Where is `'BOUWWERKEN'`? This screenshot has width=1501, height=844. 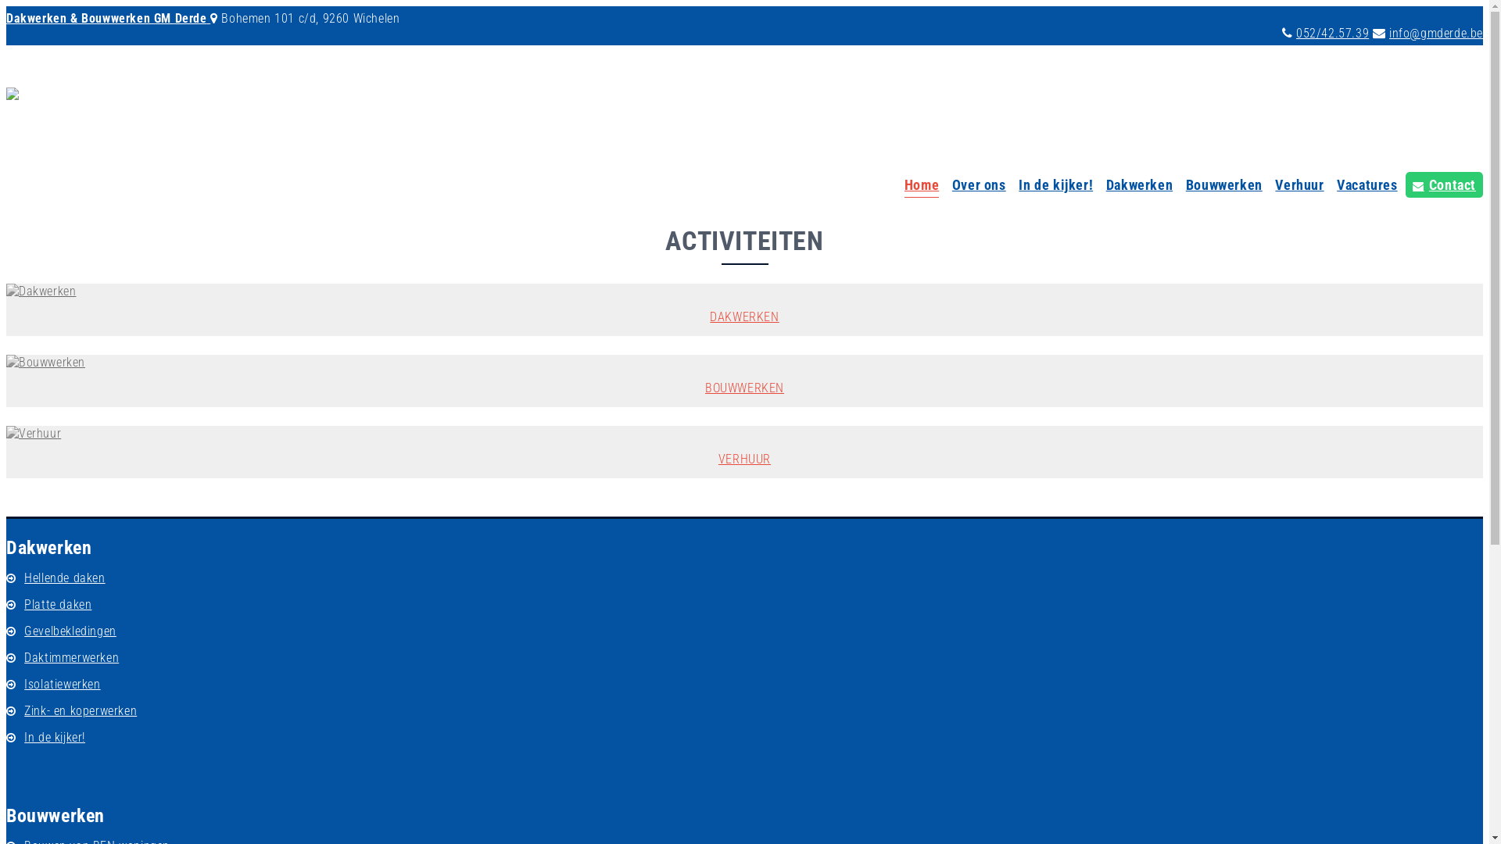 'BOUWWERKEN' is located at coordinates (743, 381).